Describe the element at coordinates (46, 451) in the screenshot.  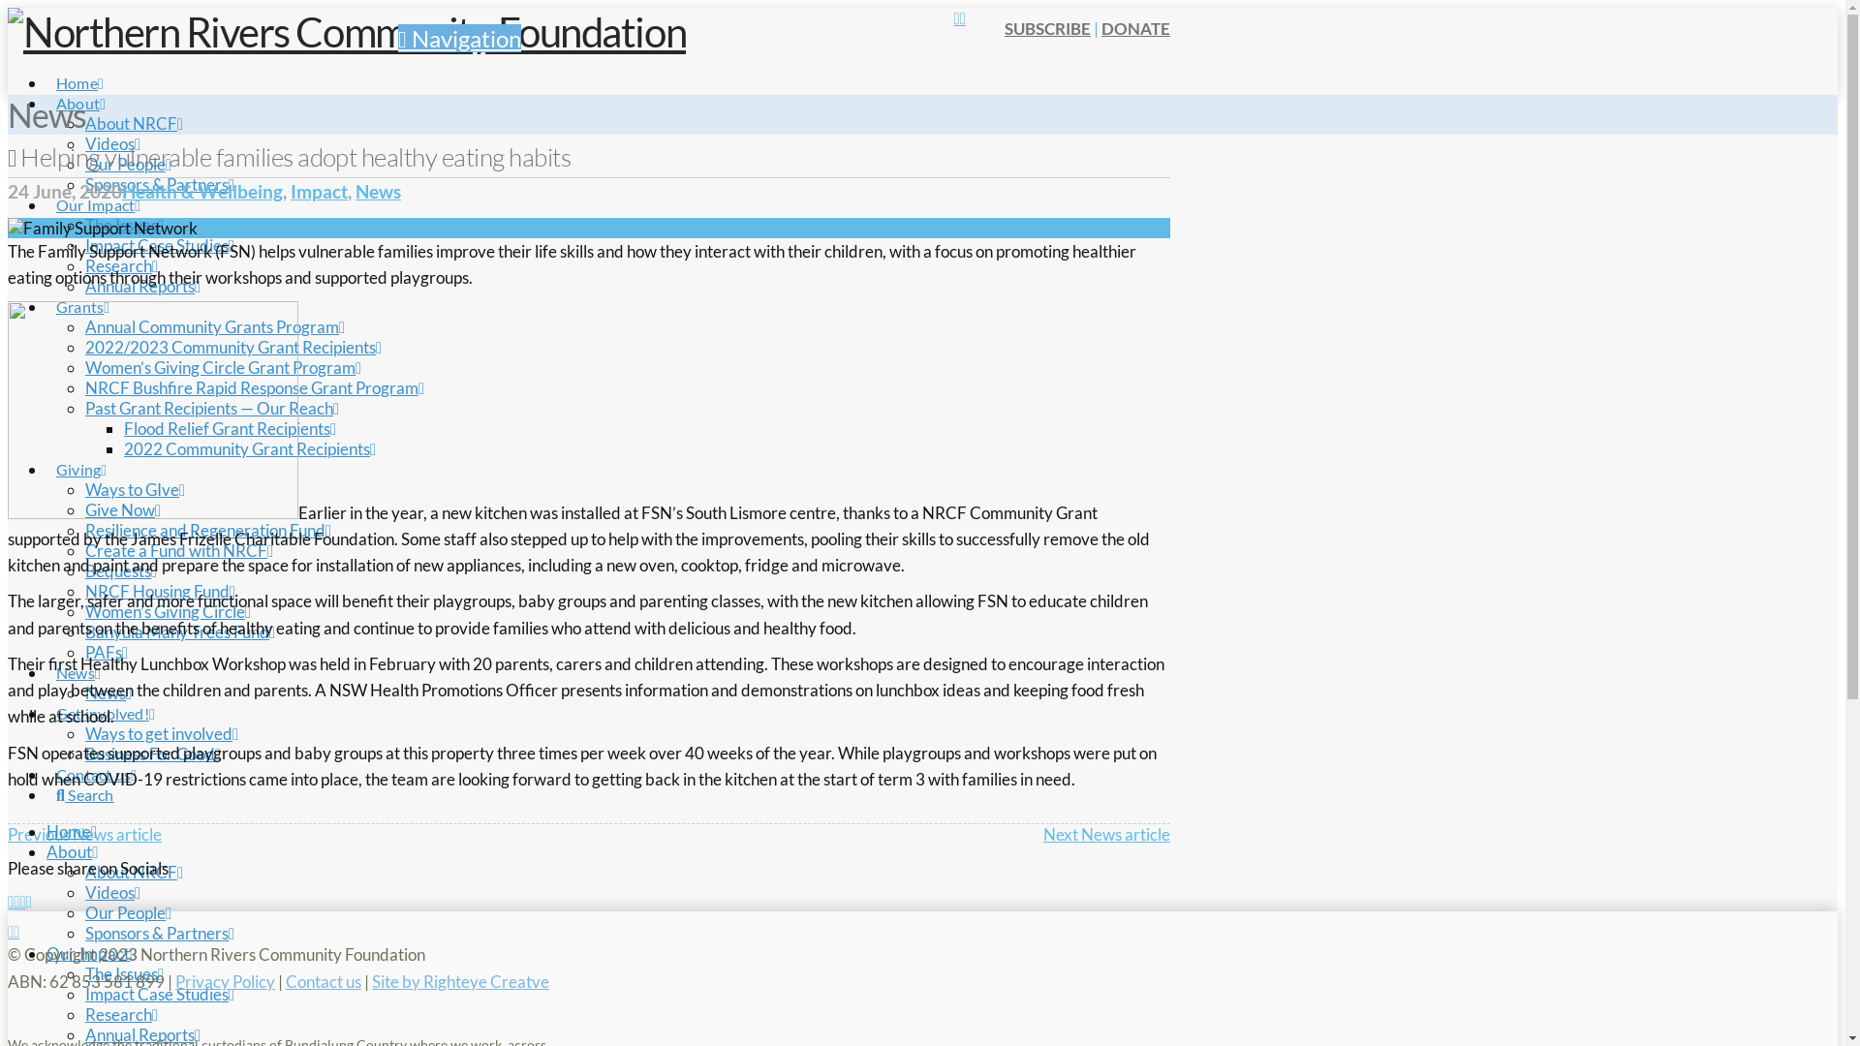
I see `'Giving'` at that location.